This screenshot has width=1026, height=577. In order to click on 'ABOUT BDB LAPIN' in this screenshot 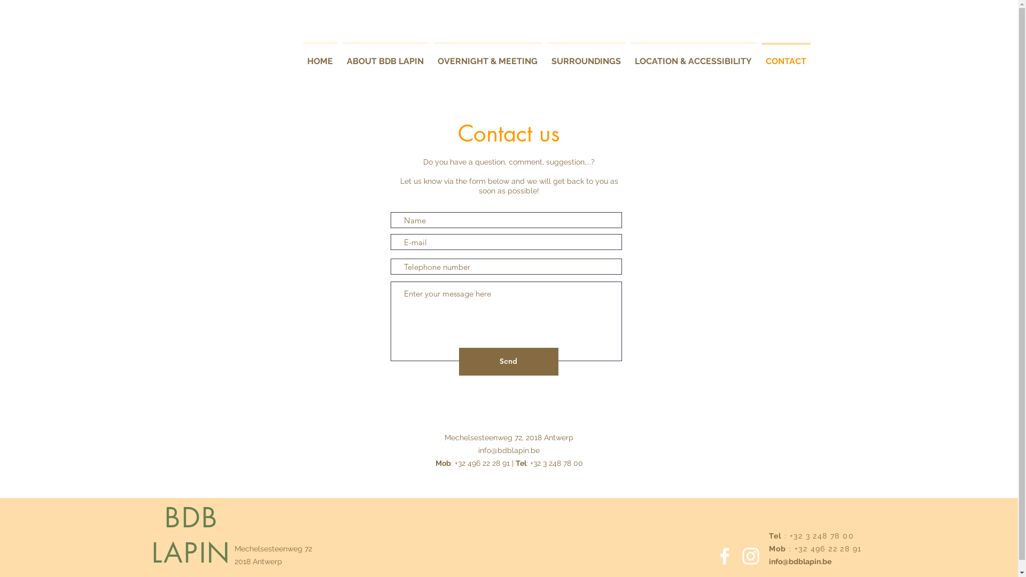, I will do `click(385, 56)`.